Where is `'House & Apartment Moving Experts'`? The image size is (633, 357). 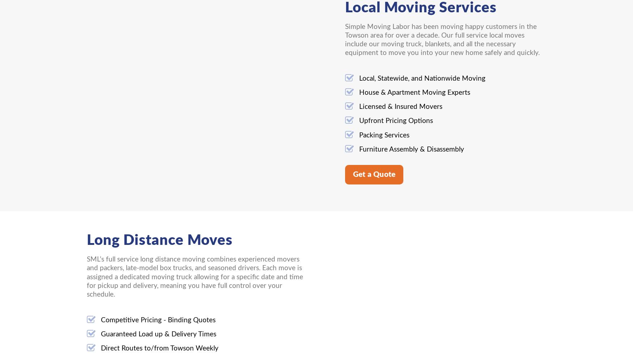 'House & Apartment Moving Experts' is located at coordinates (413, 93).